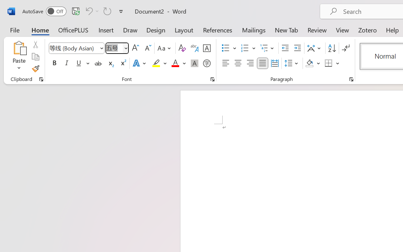  Describe the element at coordinates (19, 48) in the screenshot. I see `'Paste'` at that location.